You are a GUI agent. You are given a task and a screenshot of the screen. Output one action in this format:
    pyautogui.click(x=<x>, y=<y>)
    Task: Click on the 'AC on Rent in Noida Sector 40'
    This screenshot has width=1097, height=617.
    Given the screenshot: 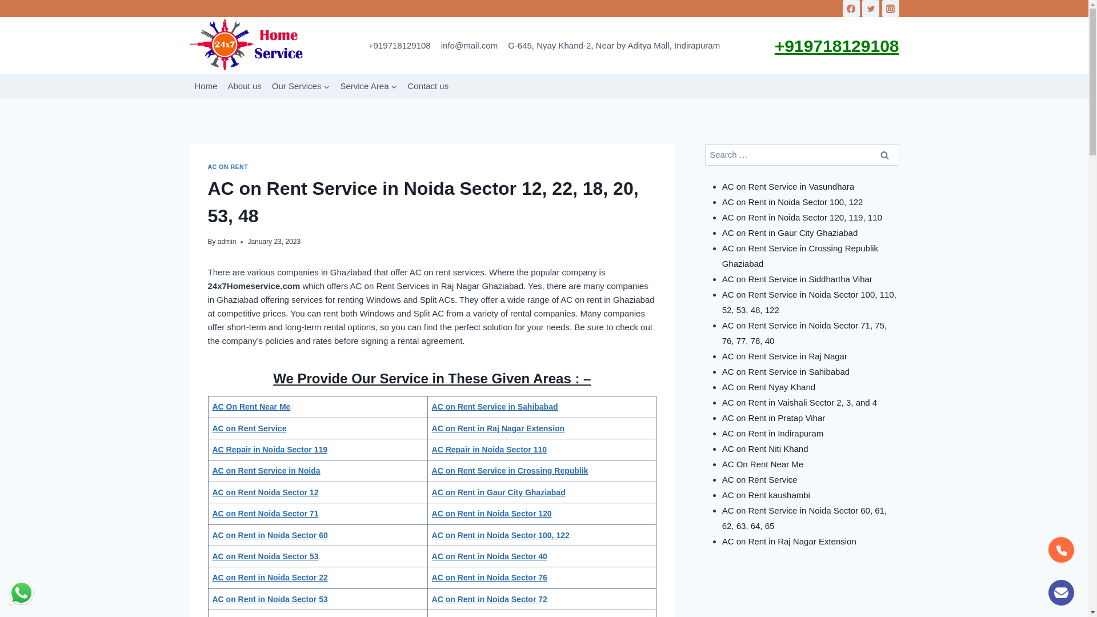 What is the action you would take?
    pyautogui.click(x=490, y=556)
    